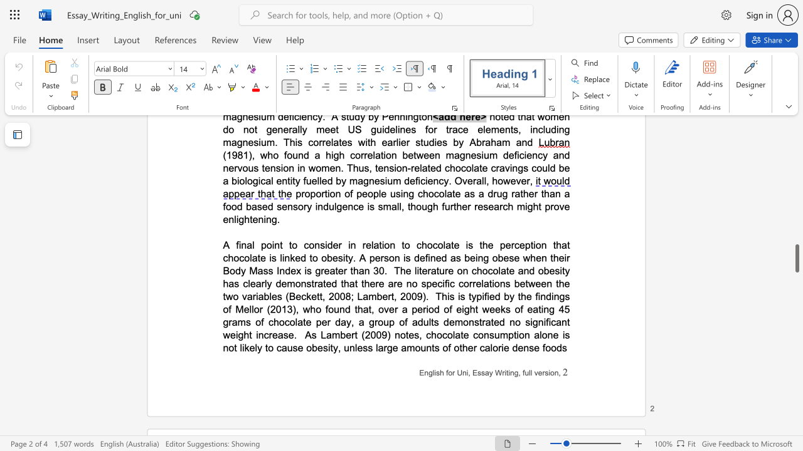  What do you see at coordinates (796, 155) in the screenshot?
I see `the scrollbar to move the content higher` at bounding box center [796, 155].